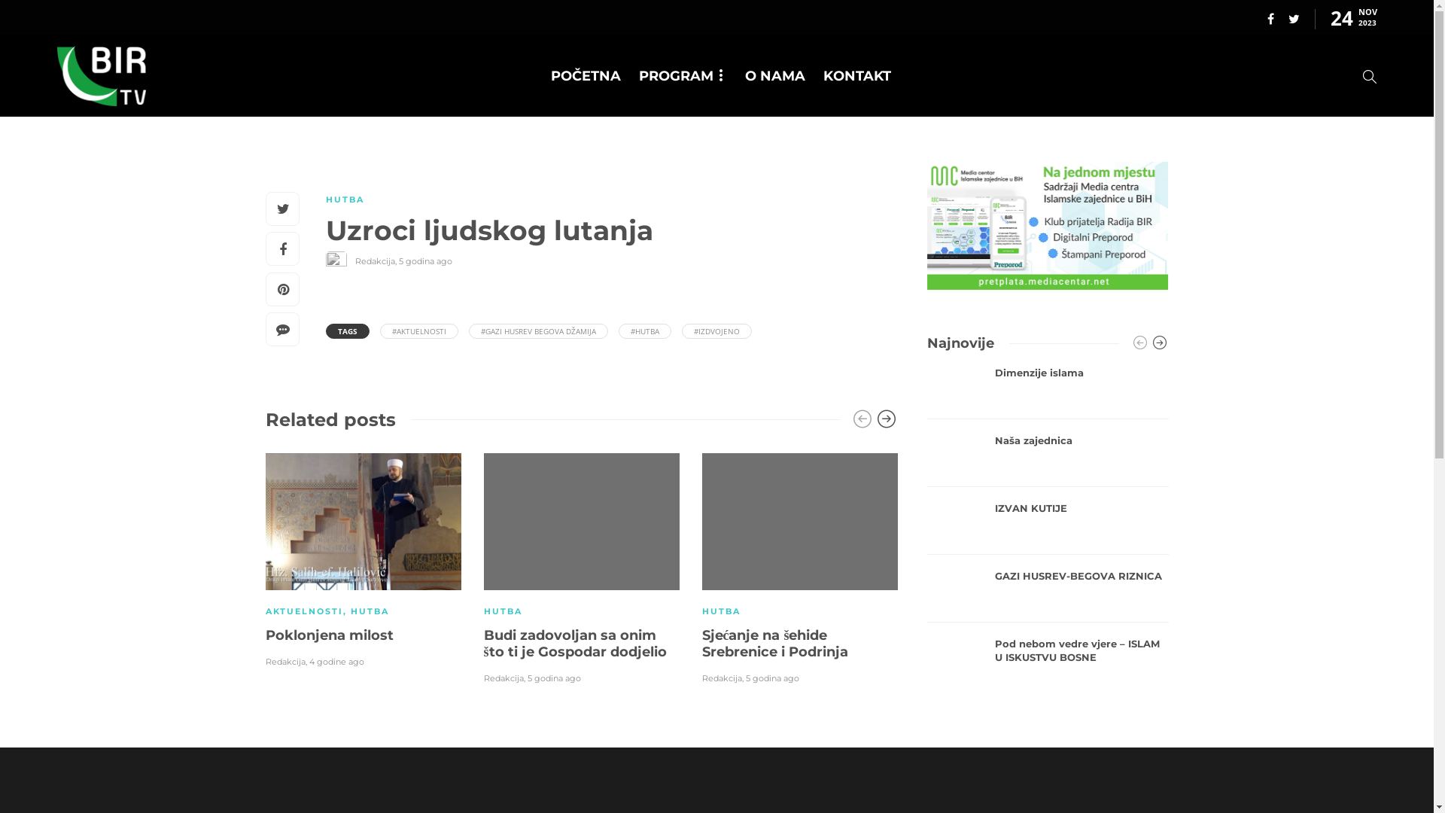 The width and height of the screenshot is (1445, 813). What do you see at coordinates (354, 260) in the screenshot?
I see `'Redakcija'` at bounding box center [354, 260].